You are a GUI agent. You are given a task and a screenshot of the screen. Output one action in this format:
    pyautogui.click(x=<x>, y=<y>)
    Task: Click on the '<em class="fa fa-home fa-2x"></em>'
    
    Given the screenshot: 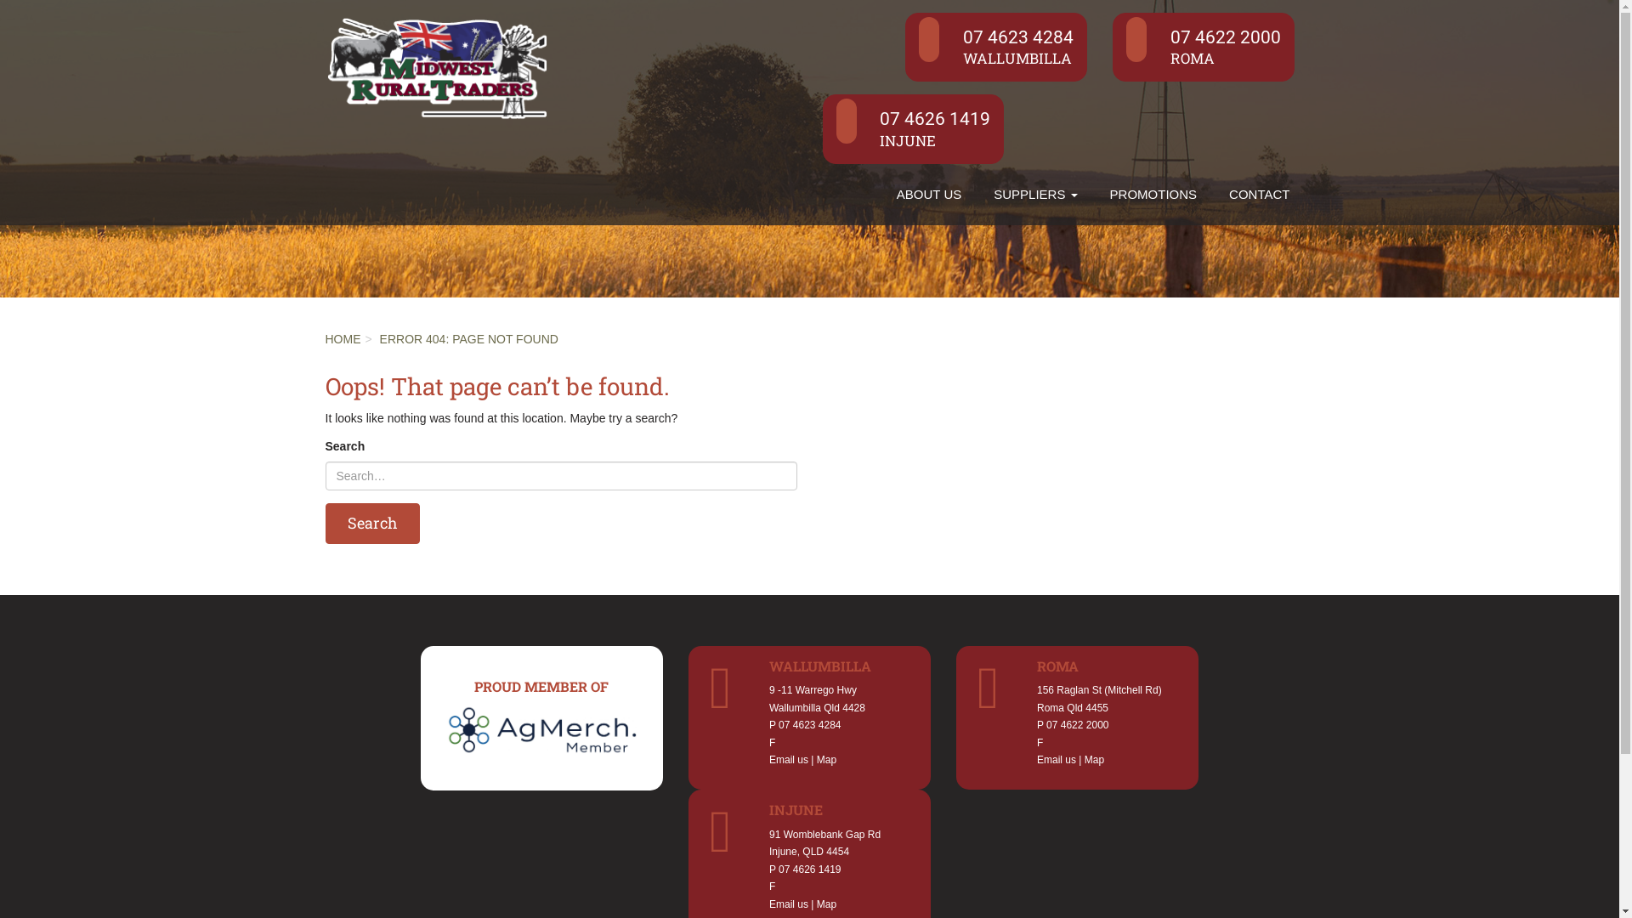 What is the action you would take?
    pyautogui.click(x=864, y=181)
    